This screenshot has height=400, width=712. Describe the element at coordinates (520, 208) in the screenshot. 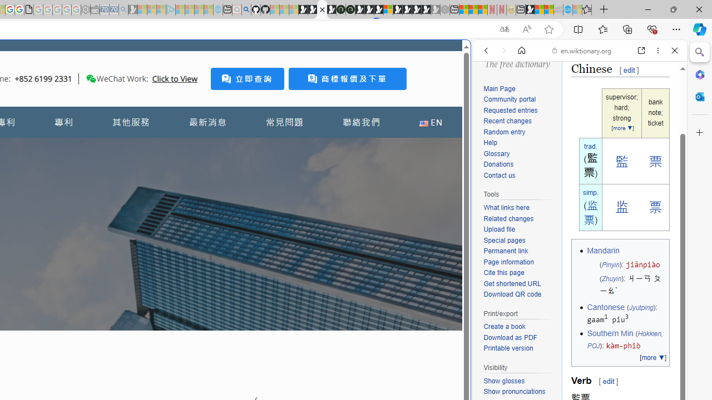

I see `'What links here'` at that location.